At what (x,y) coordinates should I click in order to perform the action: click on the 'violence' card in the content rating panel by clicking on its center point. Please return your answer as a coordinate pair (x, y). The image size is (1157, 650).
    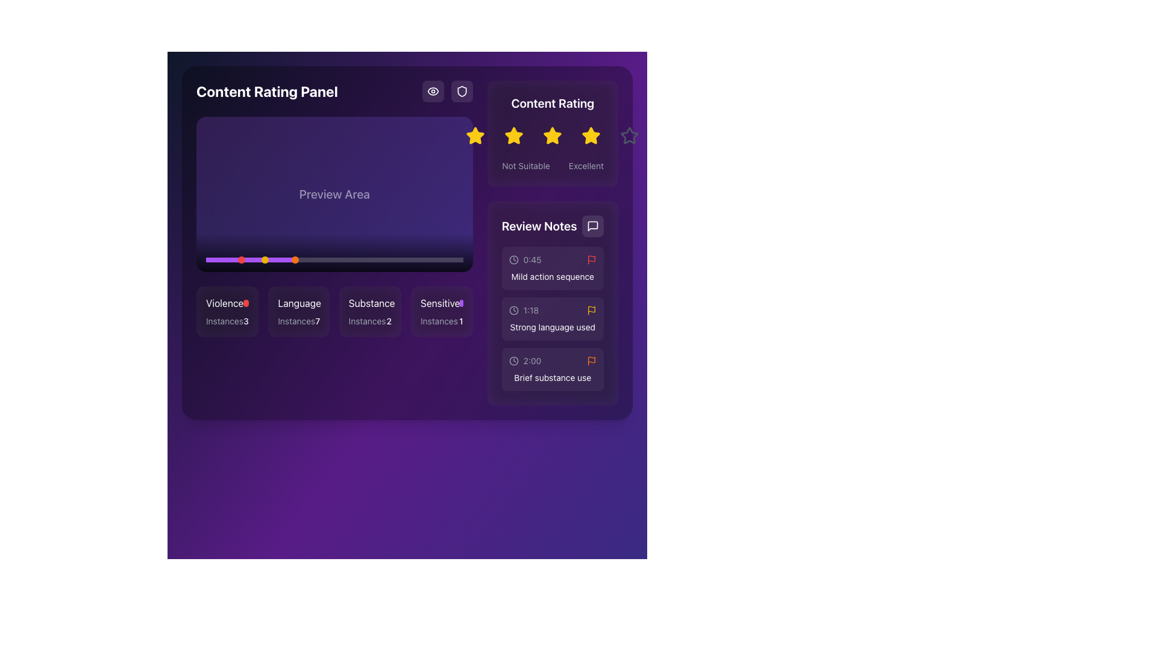
    Looking at the image, I should click on (227, 310).